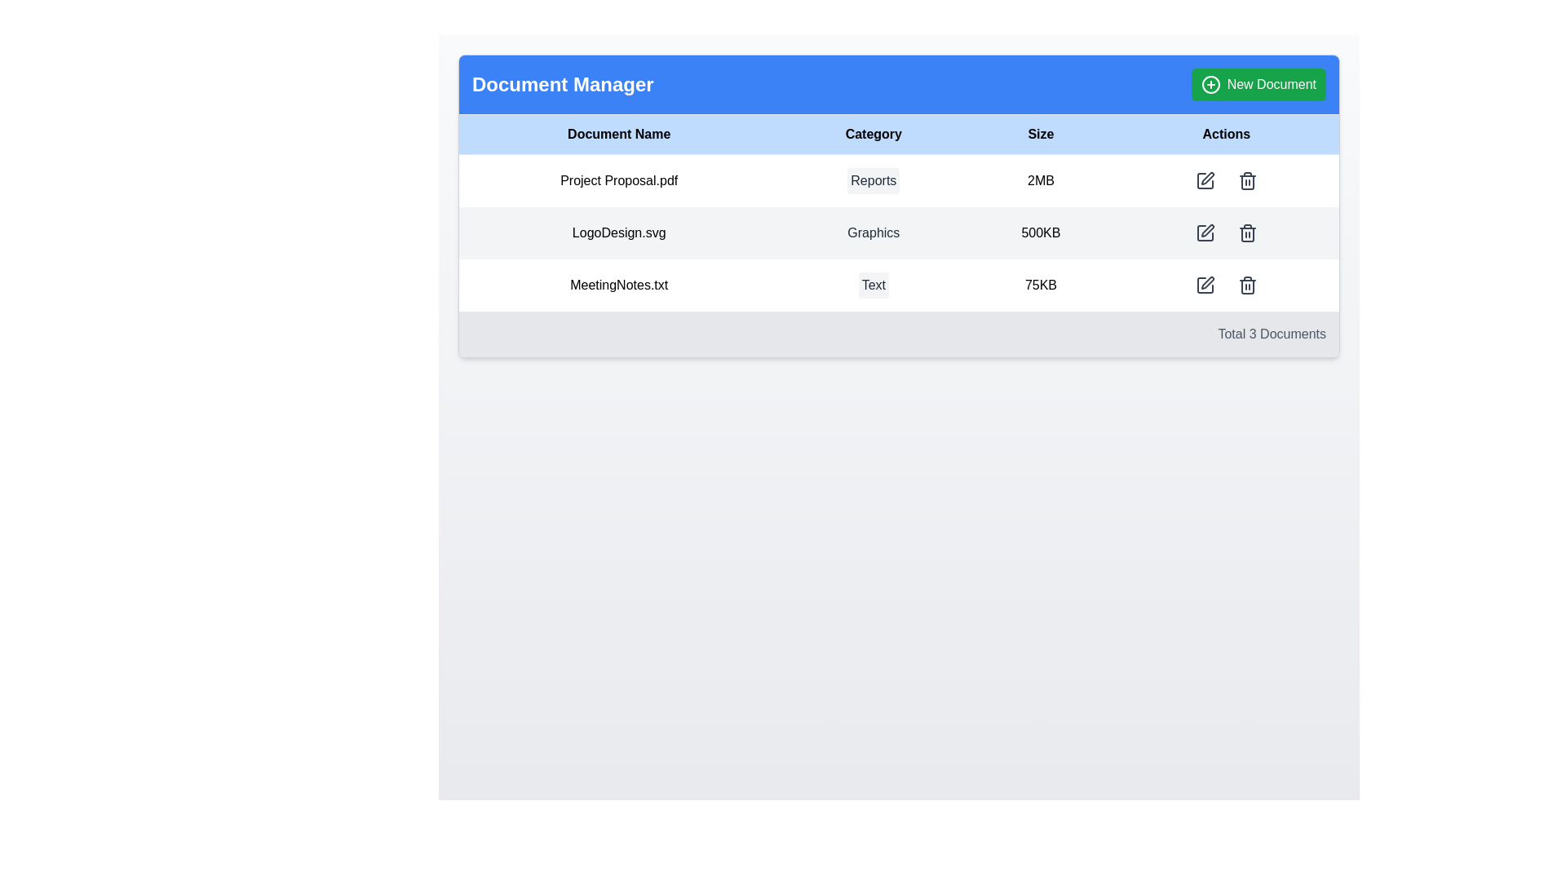 The height and width of the screenshot is (881, 1566). I want to click on the text label displaying the file size of 'Project Proposal.pdf' located in the third column under the 'Size' heading of the first row in the main content table, so click(1040, 180).